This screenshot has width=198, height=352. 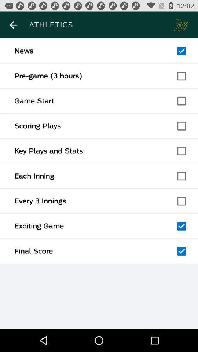 What do you see at coordinates (181, 76) in the screenshot?
I see `select` at bounding box center [181, 76].